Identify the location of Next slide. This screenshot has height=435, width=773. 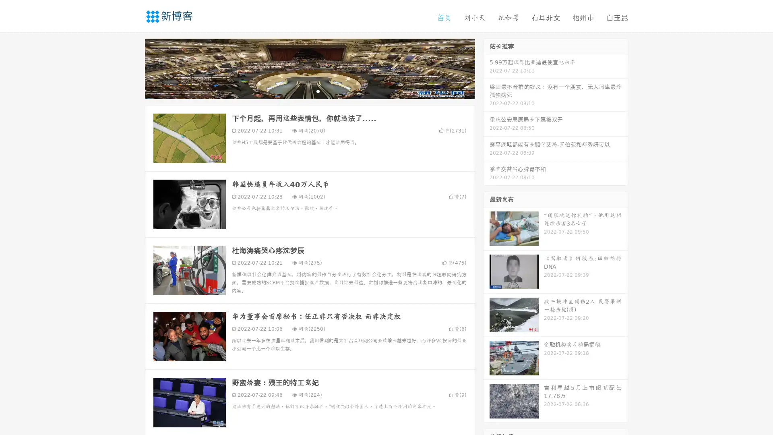
(486, 68).